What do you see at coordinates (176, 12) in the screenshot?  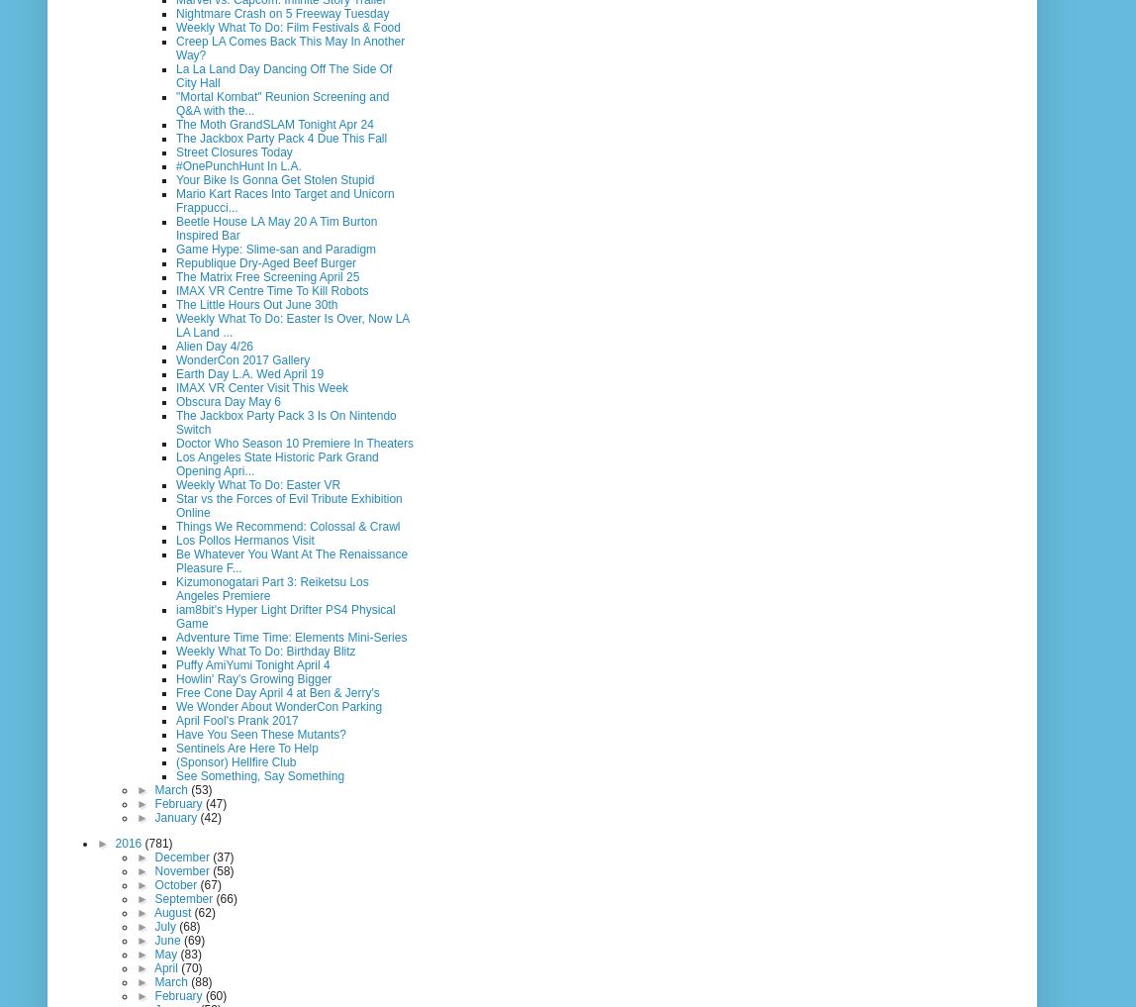 I see `'Nightmare Crash on 5 Freeway Tuesday'` at bounding box center [176, 12].